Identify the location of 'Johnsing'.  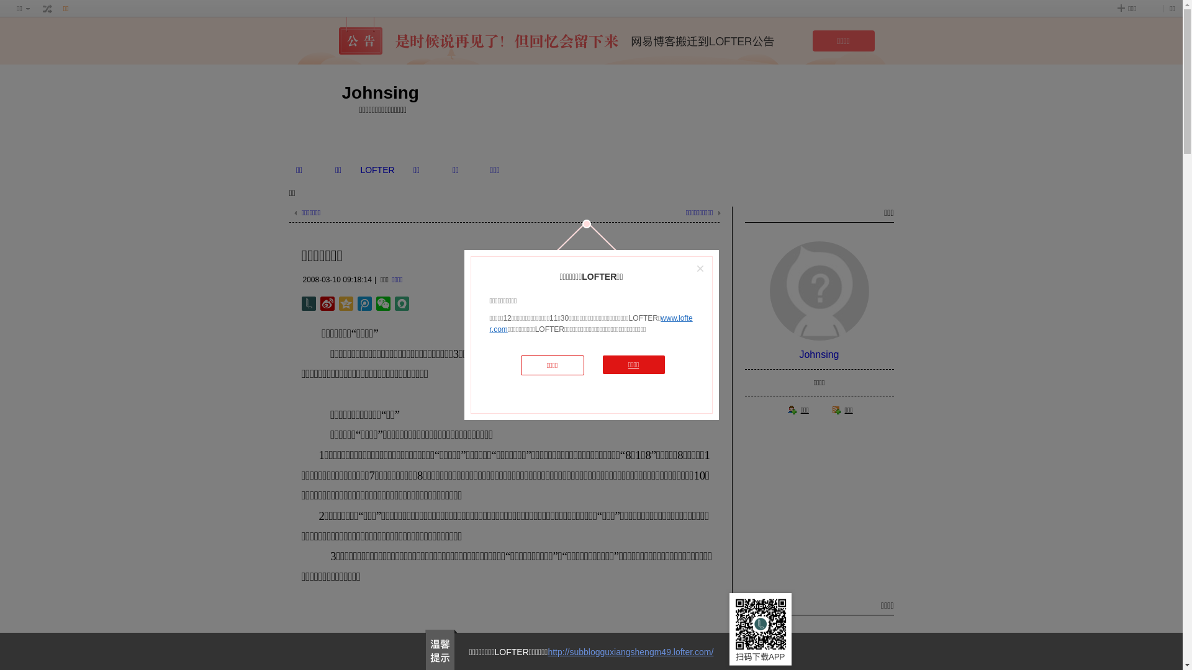
(819, 354).